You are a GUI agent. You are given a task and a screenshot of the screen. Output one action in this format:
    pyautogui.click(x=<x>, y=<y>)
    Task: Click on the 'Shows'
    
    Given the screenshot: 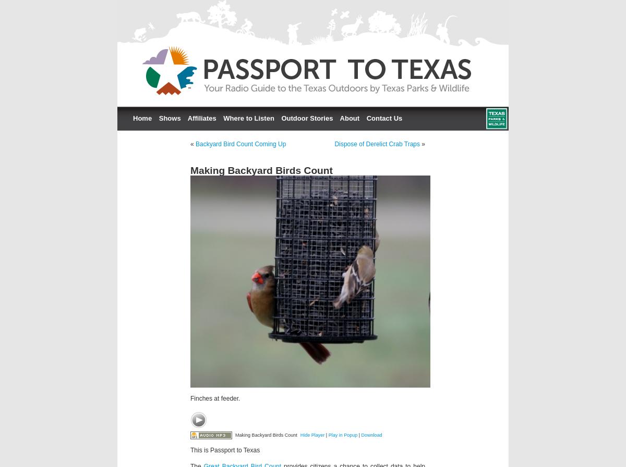 What is the action you would take?
    pyautogui.click(x=169, y=118)
    